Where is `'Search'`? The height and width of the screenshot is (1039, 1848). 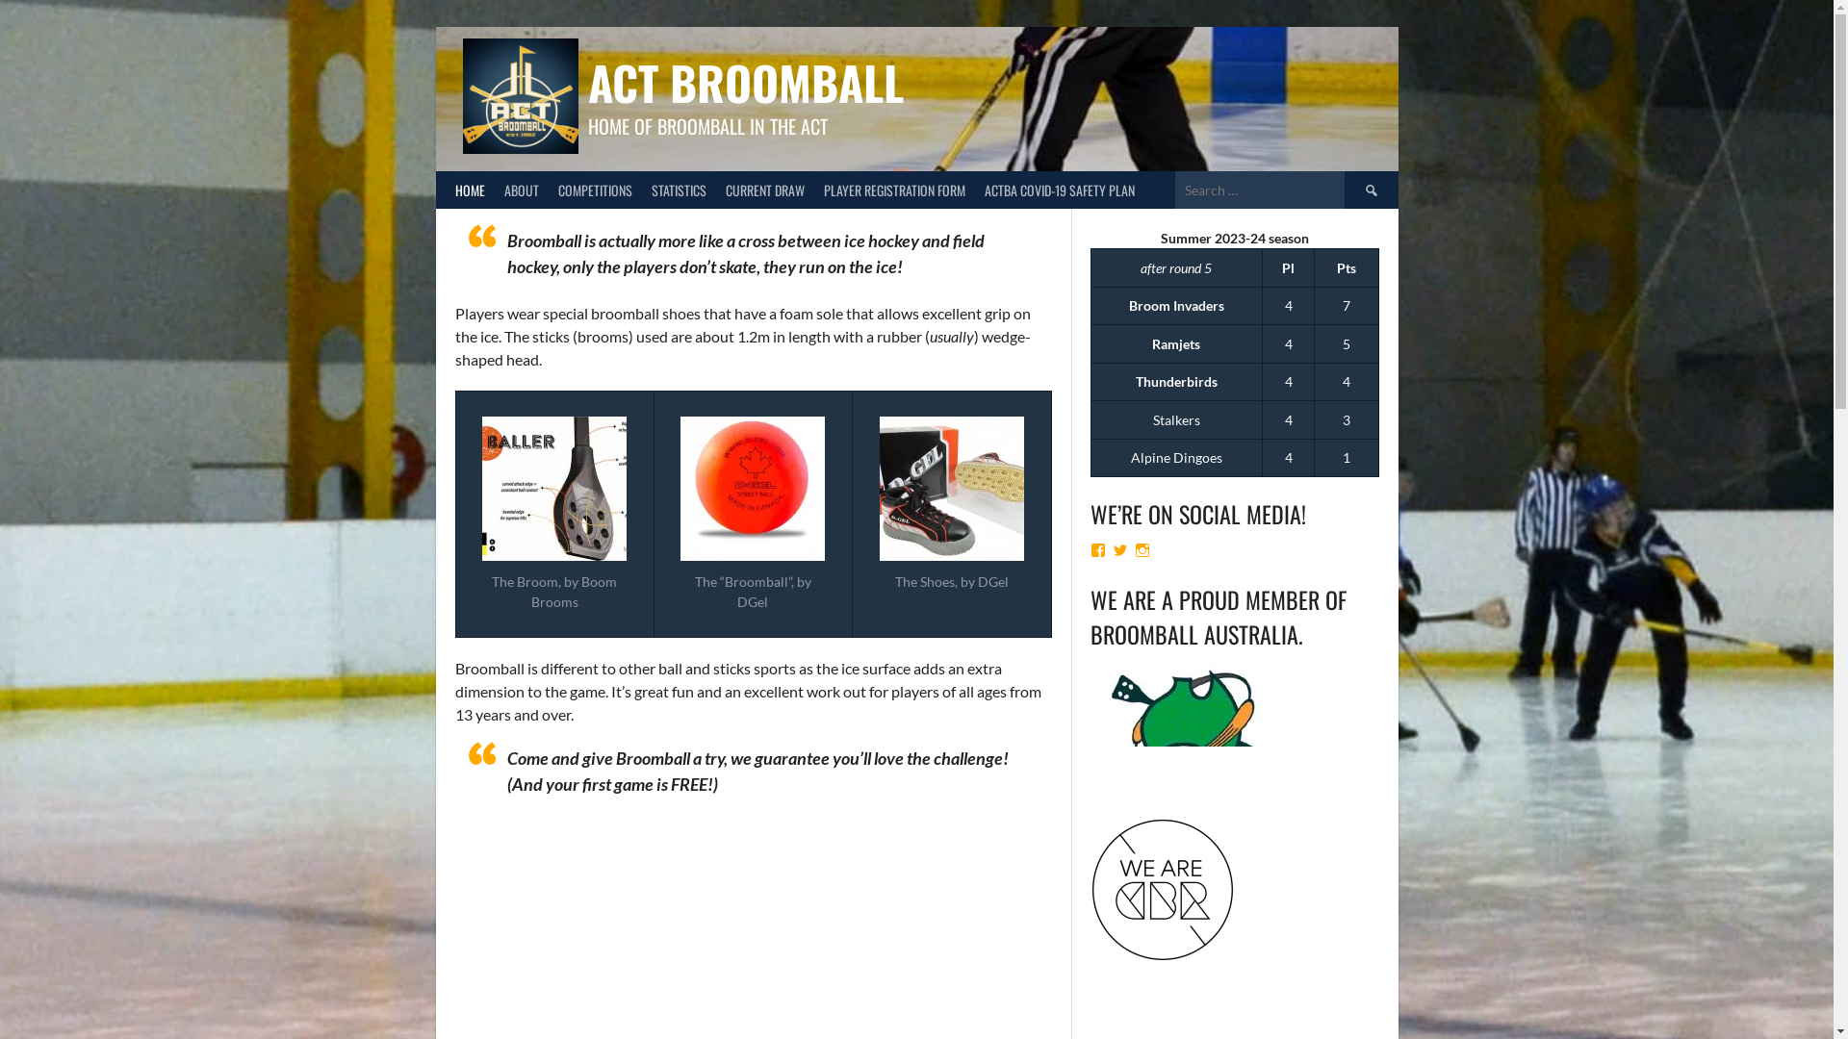 'Search' is located at coordinates (1370, 190).